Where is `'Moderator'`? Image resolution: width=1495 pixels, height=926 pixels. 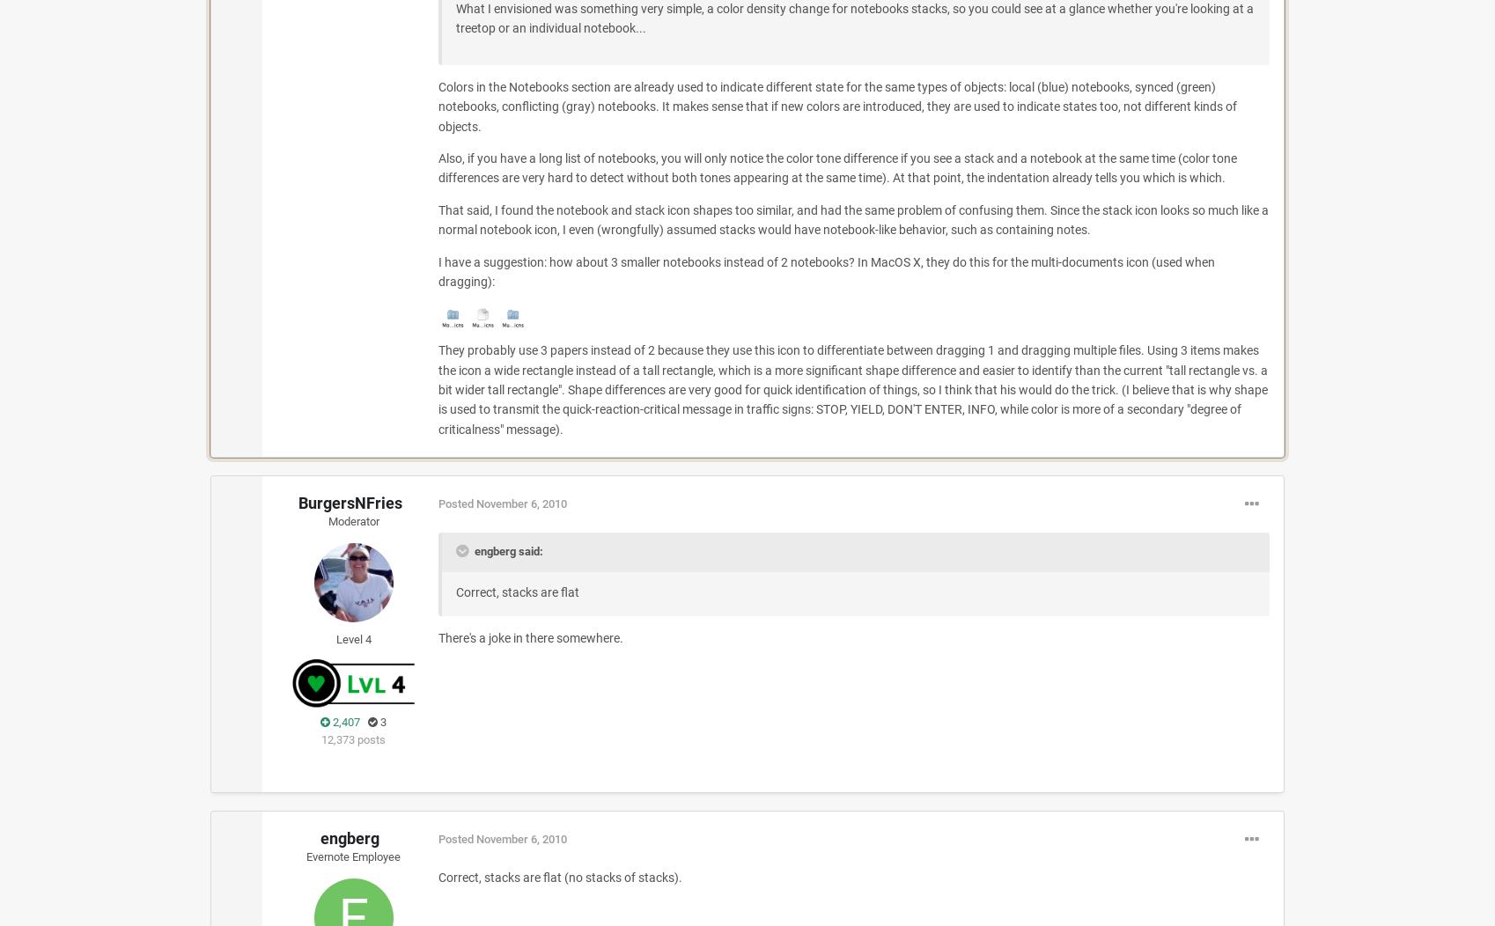 'Moderator' is located at coordinates (353, 520).